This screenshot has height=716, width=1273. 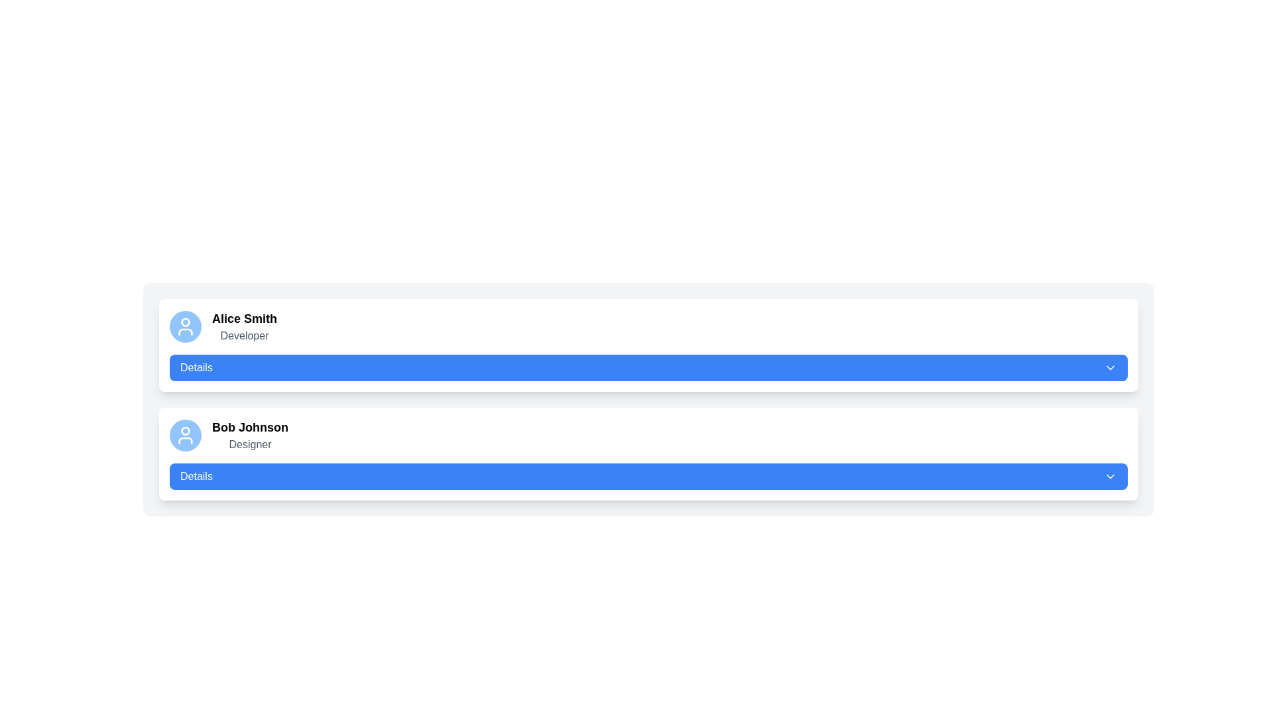 What do you see at coordinates (1111, 368) in the screenshot?
I see `the collapsible icon located in the top-right corner of the 'Details' button for 'Alice Smith, Developer'` at bounding box center [1111, 368].